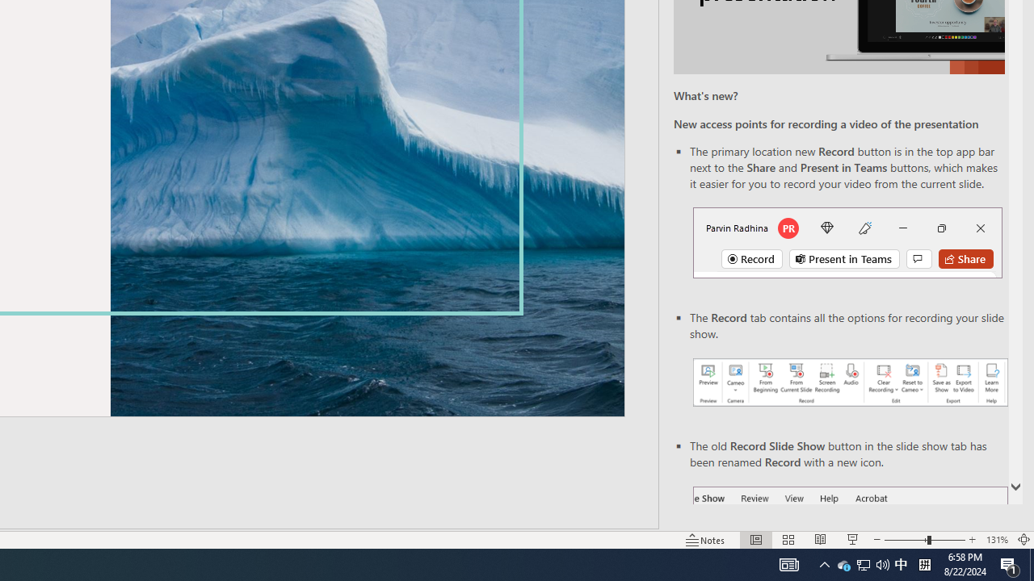 Image resolution: width=1034 pixels, height=581 pixels. I want to click on 'Zoom', so click(924, 540).